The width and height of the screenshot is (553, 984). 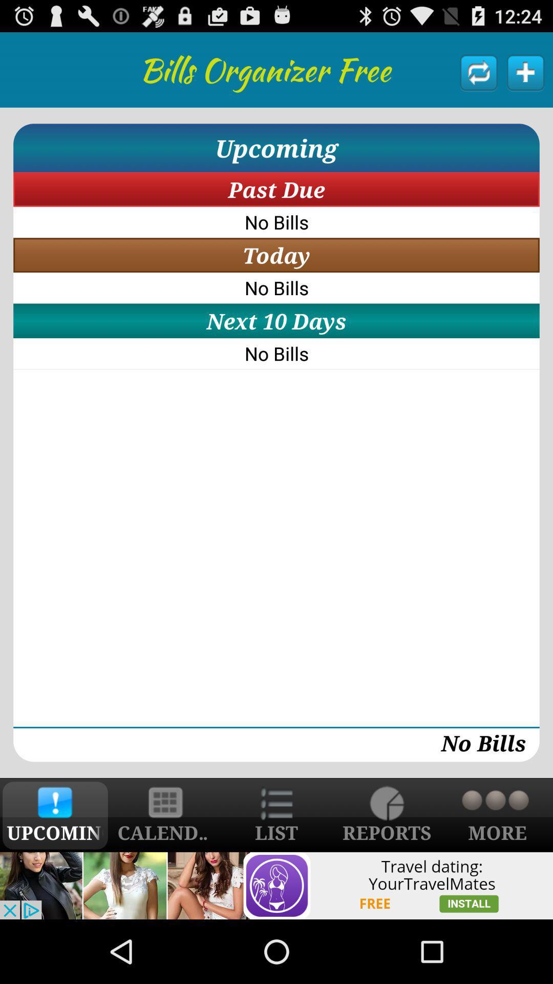 I want to click on a payment reminder, so click(x=526, y=72).